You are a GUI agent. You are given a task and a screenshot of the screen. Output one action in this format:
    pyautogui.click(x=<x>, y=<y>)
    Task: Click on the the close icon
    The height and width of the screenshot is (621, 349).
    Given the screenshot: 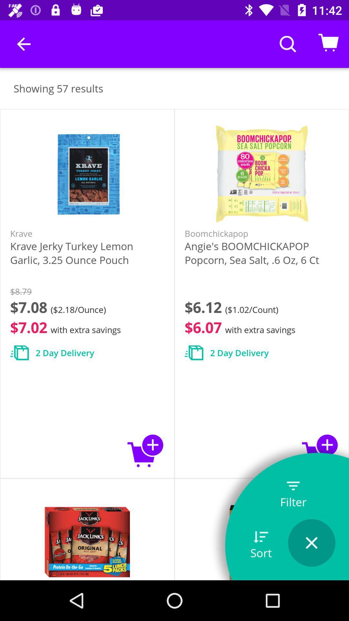 What is the action you would take?
    pyautogui.click(x=311, y=543)
    